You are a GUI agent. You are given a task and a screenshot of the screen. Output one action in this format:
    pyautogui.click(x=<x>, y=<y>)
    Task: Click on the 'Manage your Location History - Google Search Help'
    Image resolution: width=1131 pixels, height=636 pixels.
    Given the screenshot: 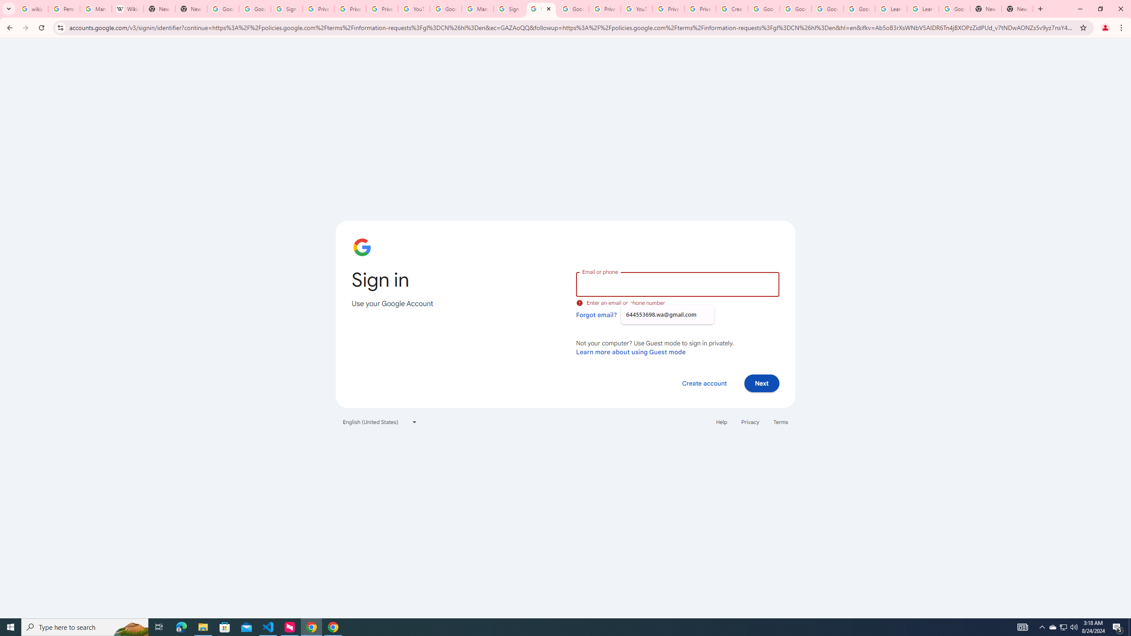 What is the action you would take?
    pyautogui.click(x=95, y=8)
    